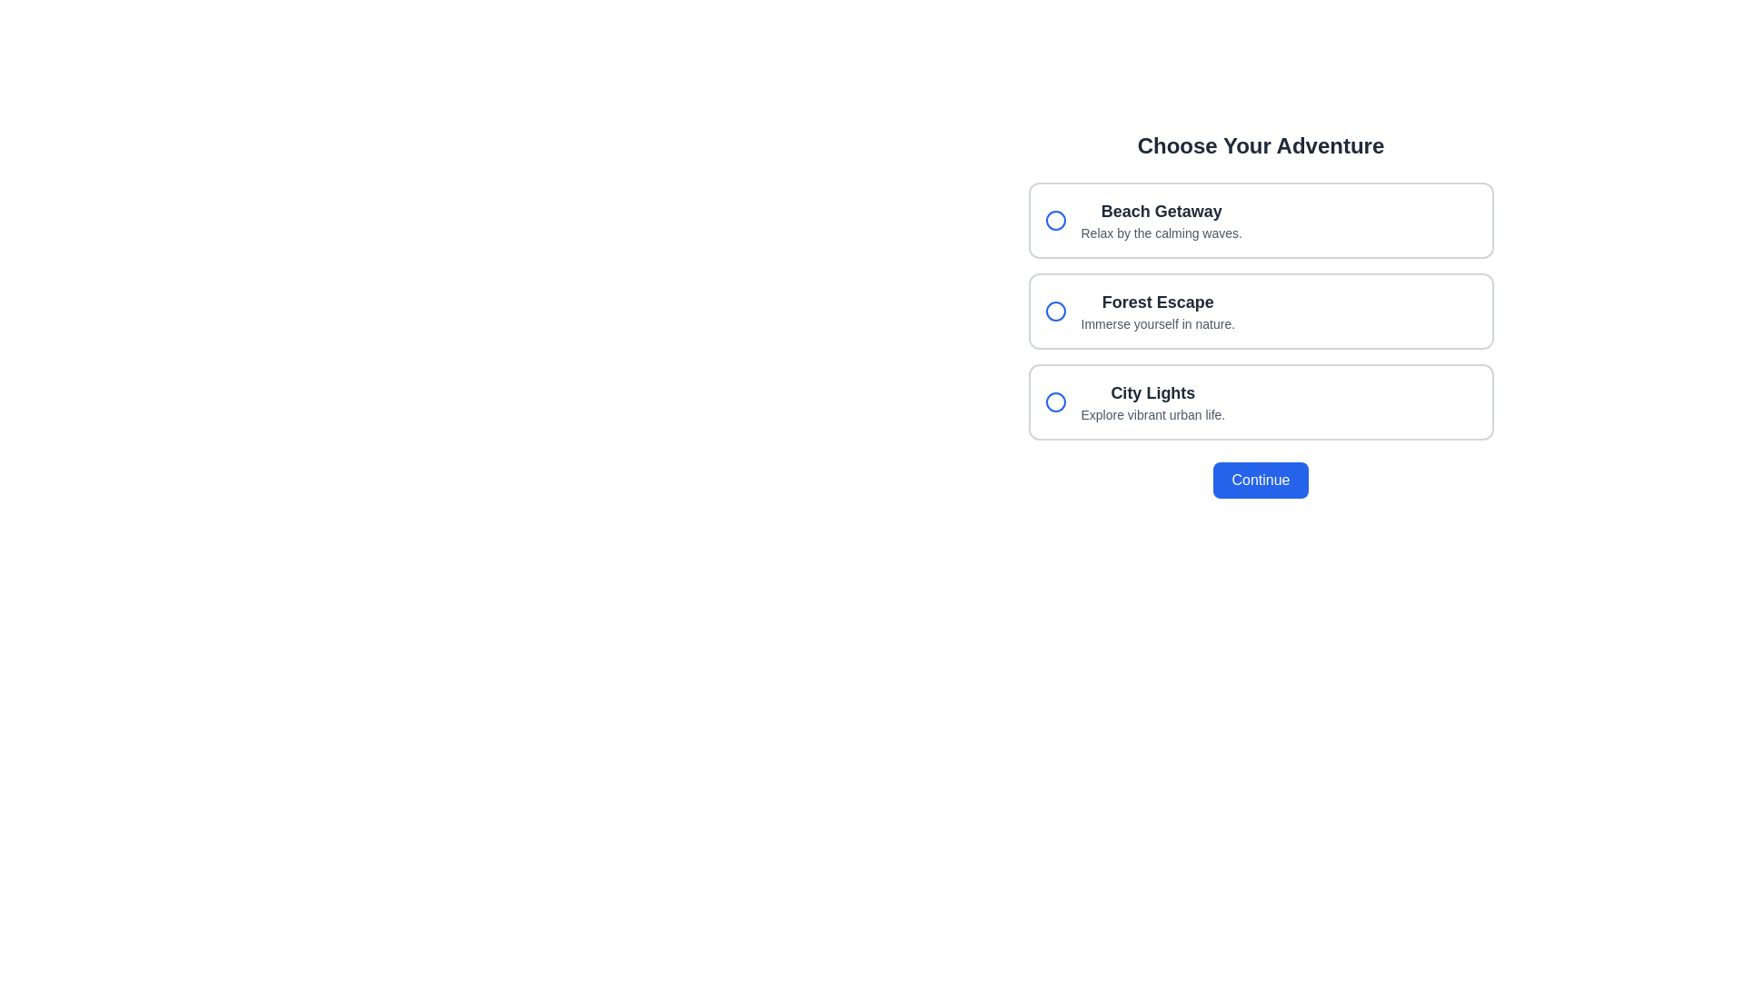 This screenshot has height=981, width=1745. What do you see at coordinates (1260, 314) in the screenshot?
I see `to select the 'Forest Escape' option in the vertically stacked selection box, which is the second choice and has the title 'Forest Escape' with the description 'Immerse yourself in nature.'` at bounding box center [1260, 314].